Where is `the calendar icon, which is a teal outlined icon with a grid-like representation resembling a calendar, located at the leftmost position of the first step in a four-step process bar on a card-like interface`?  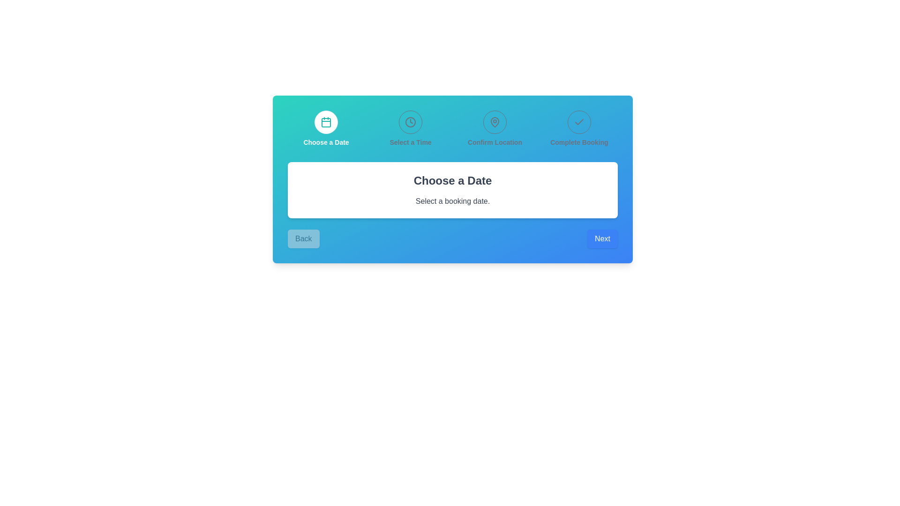
the calendar icon, which is a teal outlined icon with a grid-like representation resembling a calendar, located at the leftmost position of the first step in a four-step process bar on a card-like interface is located at coordinates (326, 122).